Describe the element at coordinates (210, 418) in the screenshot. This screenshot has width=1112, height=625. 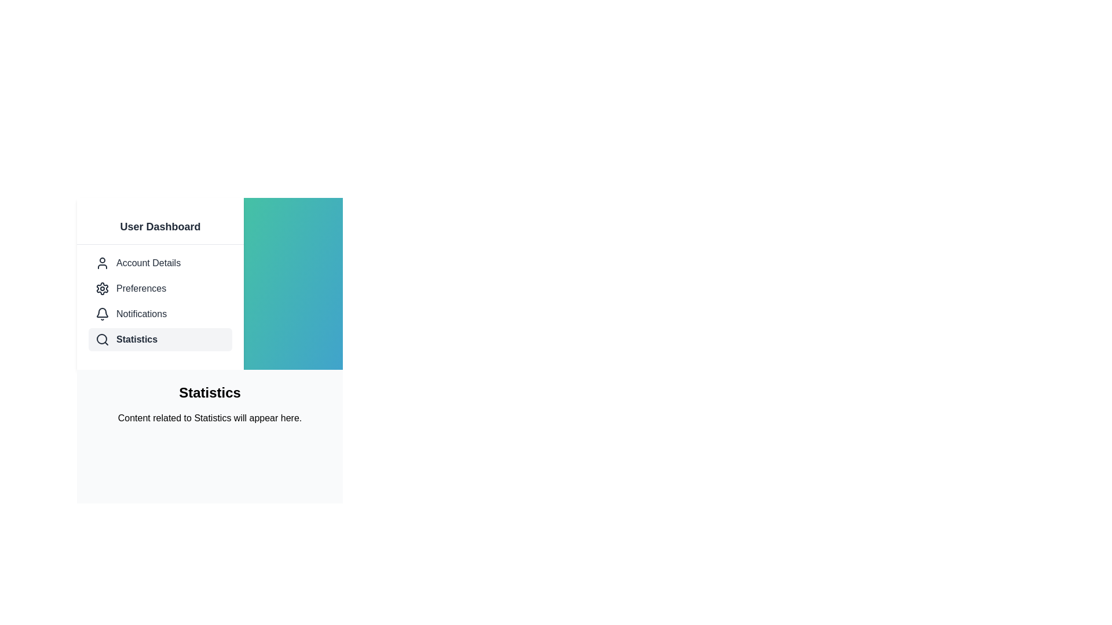
I see `the text block containing the phrase 'Content related to Statistics will appear here.' located below the 'Statistics' heading` at that location.